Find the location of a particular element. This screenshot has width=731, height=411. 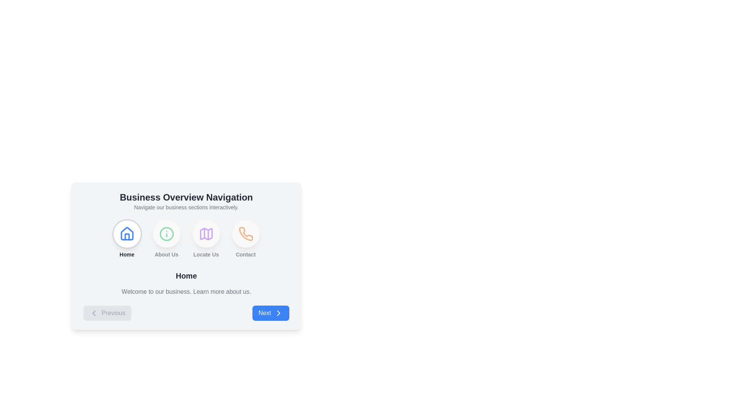

text displayed in the Header section that contains 'Business Overview Navigation' and 'Navigate our business sections interactively.' is located at coordinates (186, 201).